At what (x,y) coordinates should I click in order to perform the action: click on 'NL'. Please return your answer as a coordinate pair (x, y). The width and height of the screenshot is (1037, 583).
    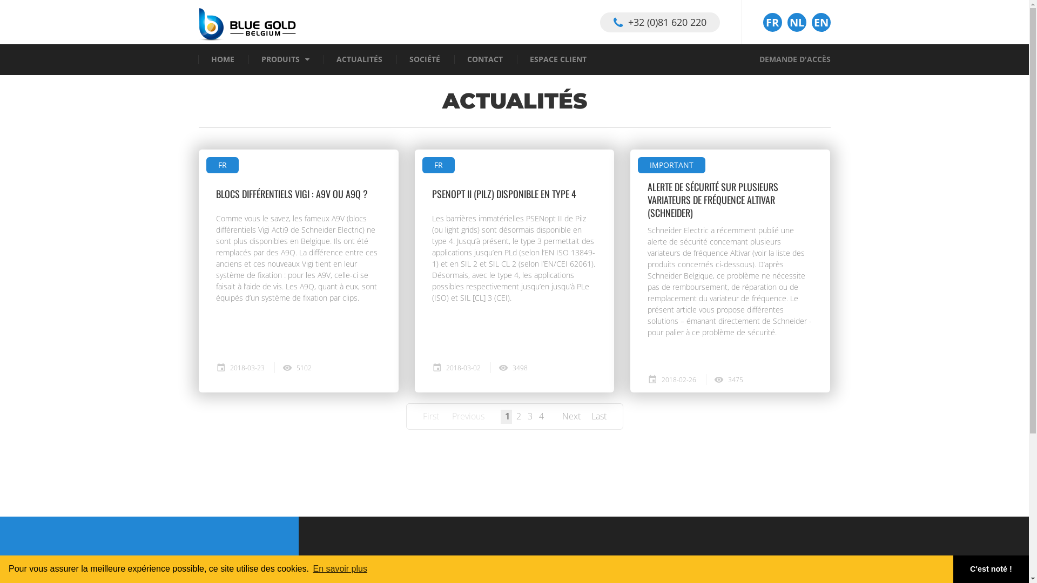
    Looking at the image, I should click on (797, 22).